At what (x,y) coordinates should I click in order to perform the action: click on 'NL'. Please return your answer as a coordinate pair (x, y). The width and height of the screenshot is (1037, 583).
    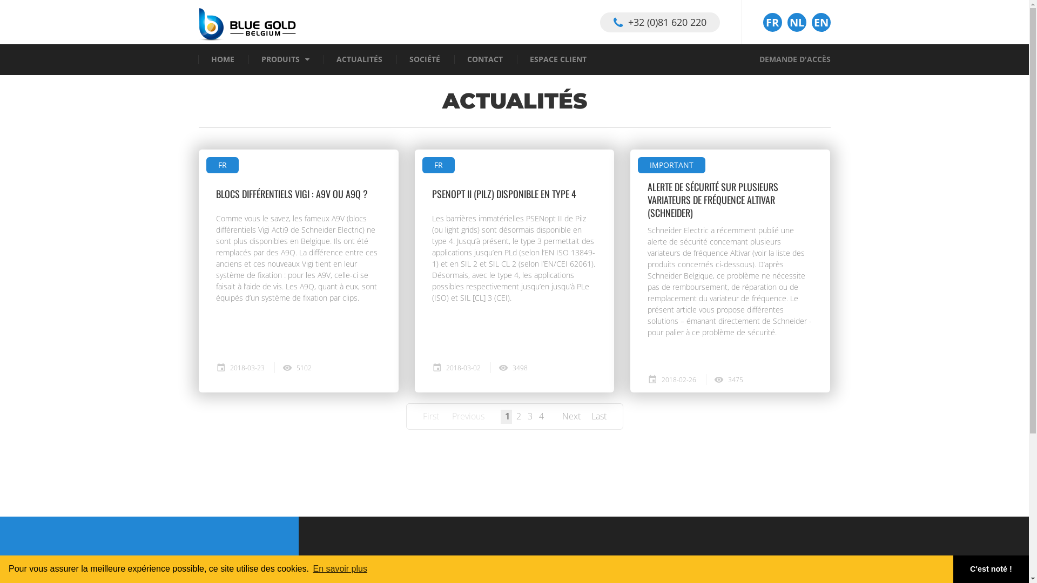
    Looking at the image, I should click on (797, 22).